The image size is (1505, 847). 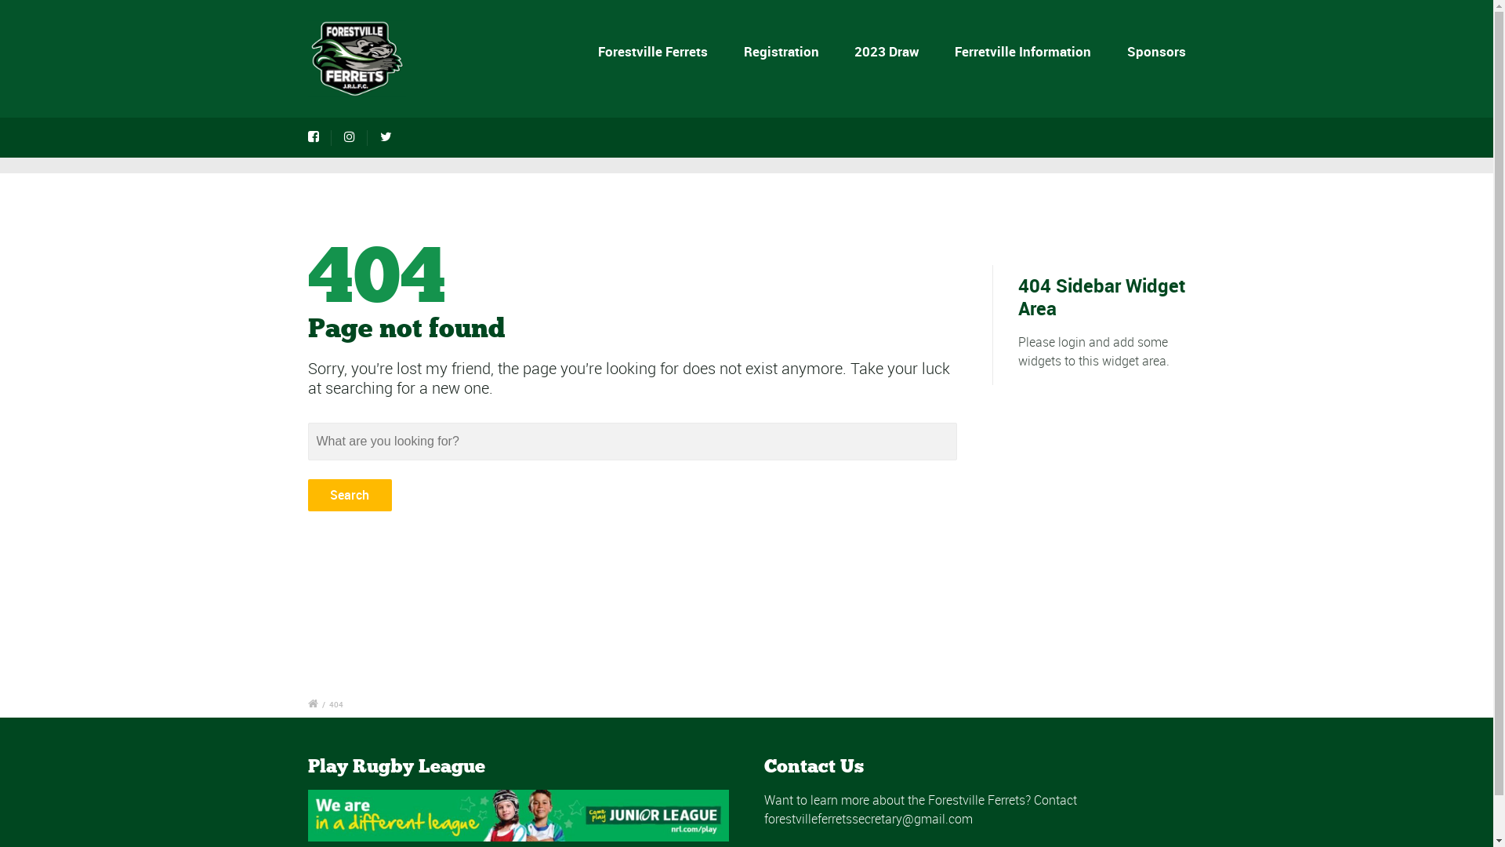 I want to click on 'Sponsors', so click(x=1122, y=50).